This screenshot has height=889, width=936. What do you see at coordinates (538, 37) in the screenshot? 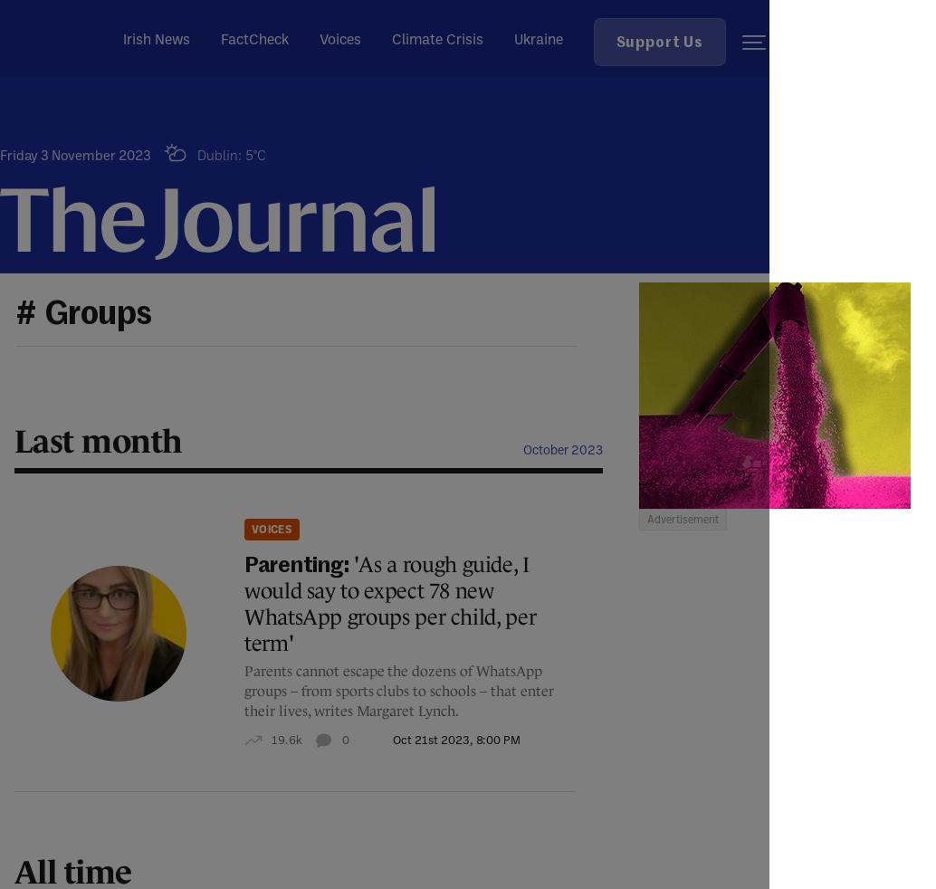
I see `'Ukraine'` at bounding box center [538, 37].